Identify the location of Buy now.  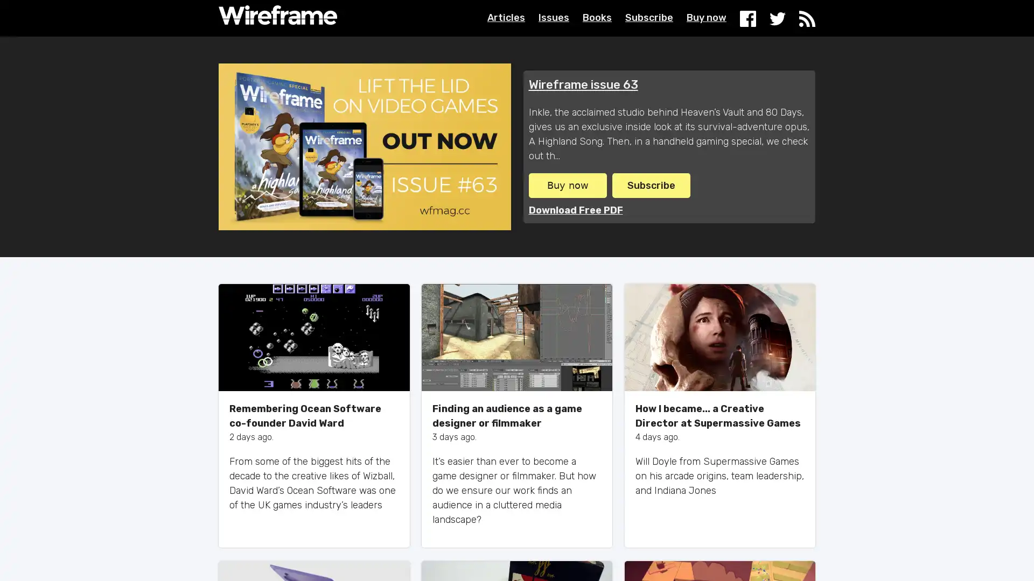
(567, 184).